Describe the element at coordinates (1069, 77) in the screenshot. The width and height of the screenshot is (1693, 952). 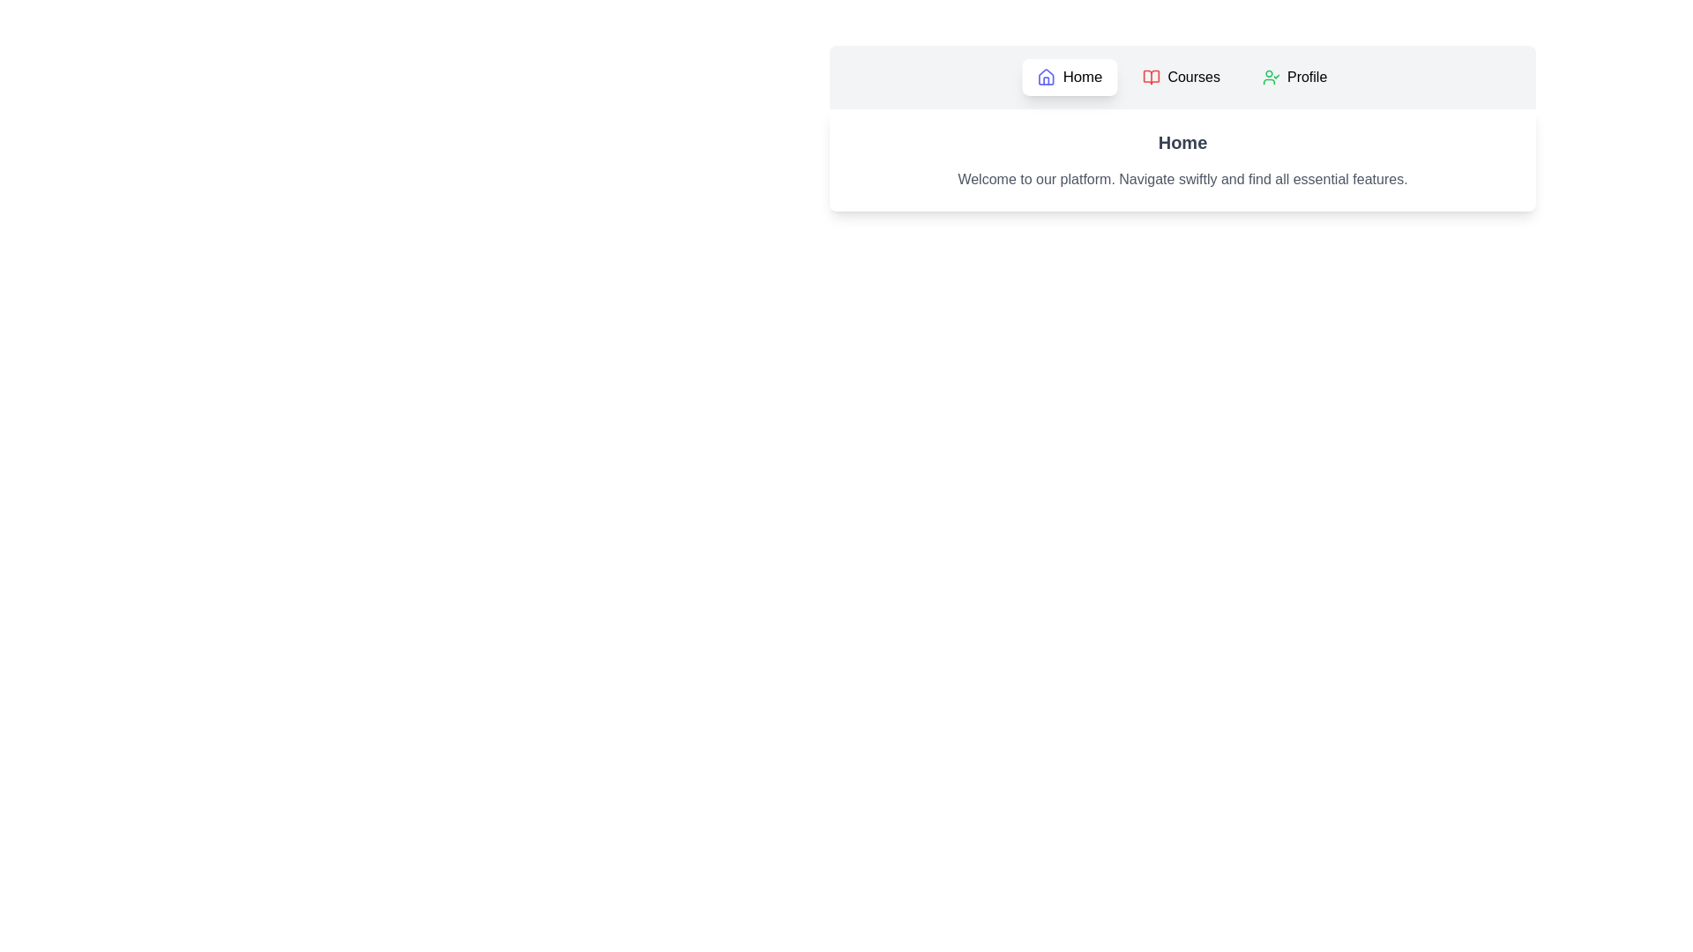
I see `the tab labeled Home` at that location.